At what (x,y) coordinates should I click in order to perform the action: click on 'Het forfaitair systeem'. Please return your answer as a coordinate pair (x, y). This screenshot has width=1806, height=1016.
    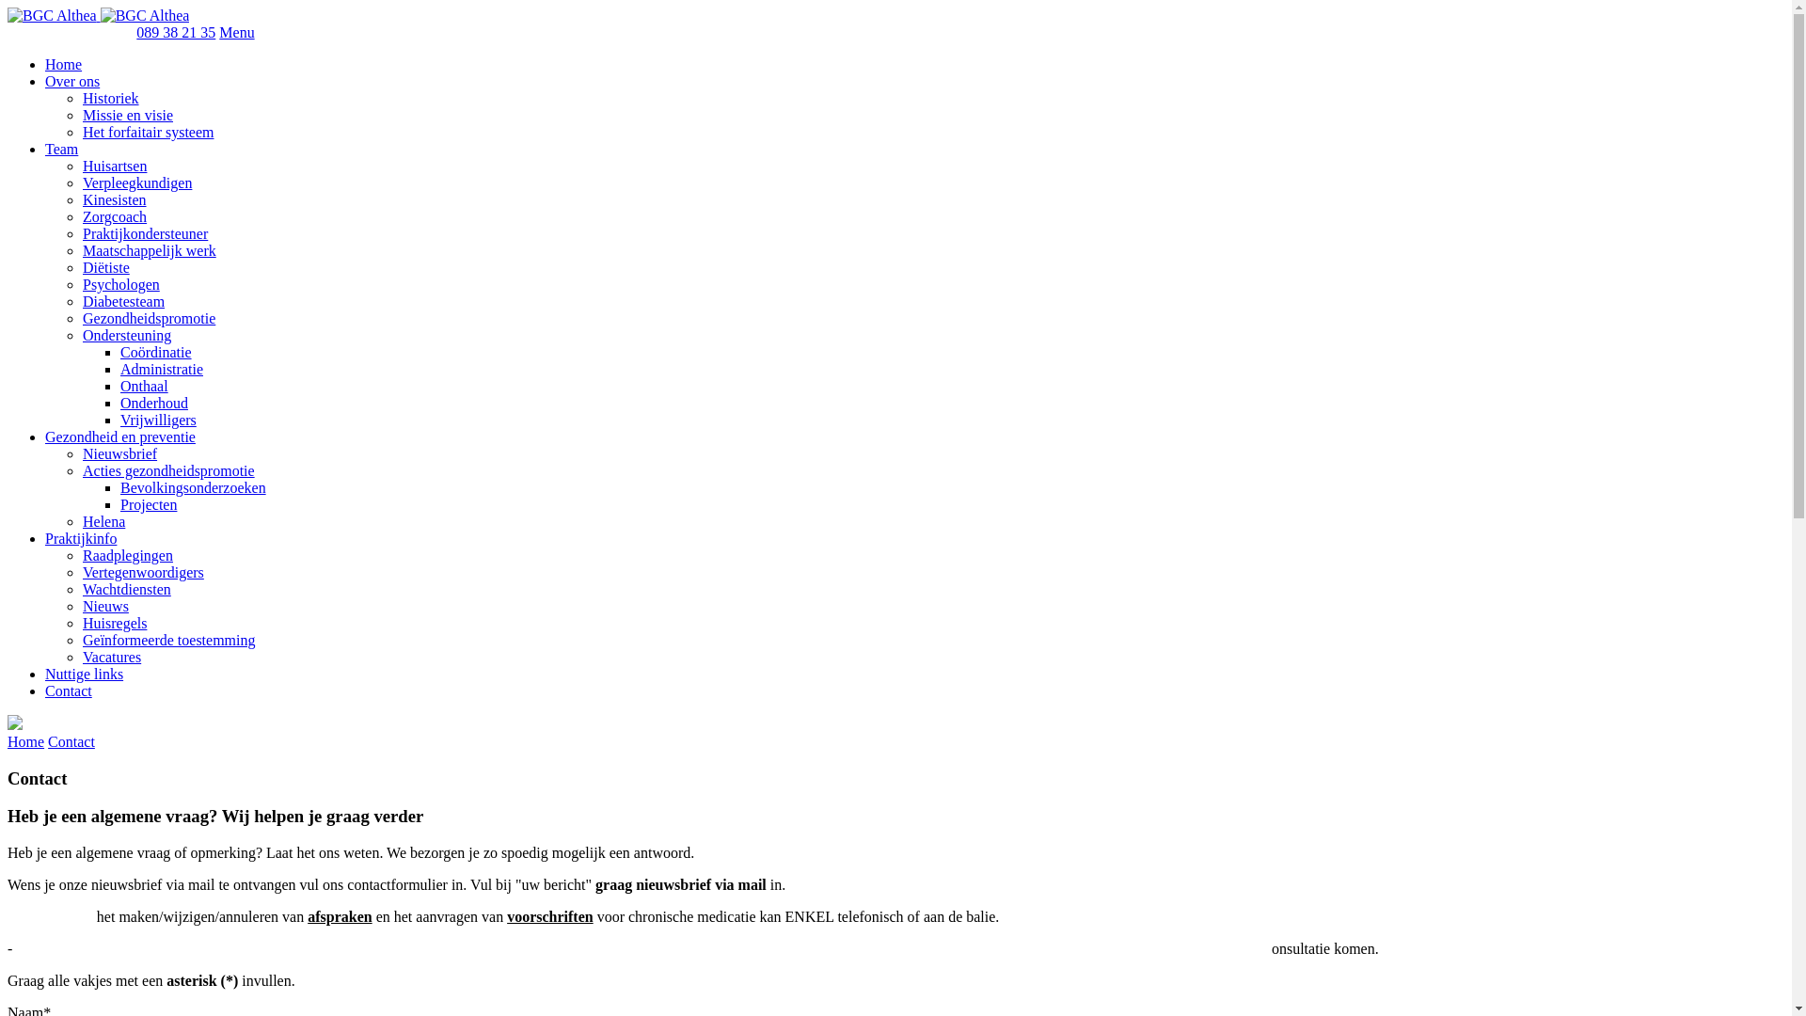
    Looking at the image, I should click on (148, 131).